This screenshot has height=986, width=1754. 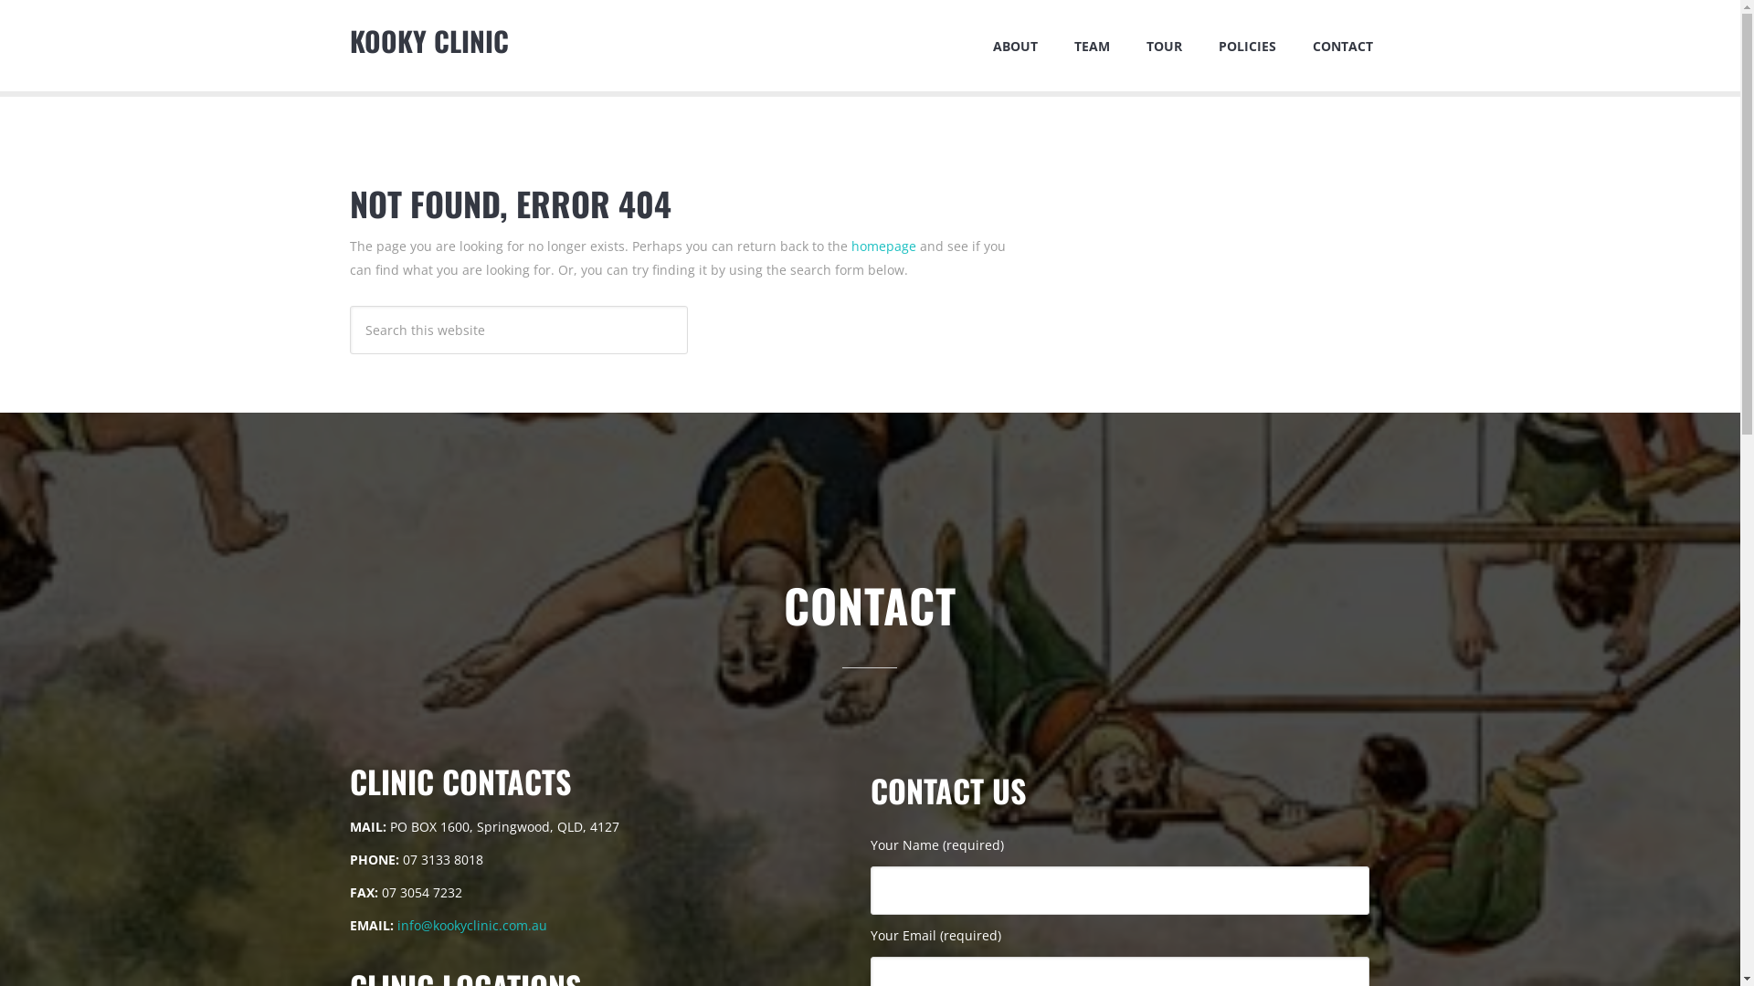 I want to click on 'TEAM', so click(x=1092, y=45).